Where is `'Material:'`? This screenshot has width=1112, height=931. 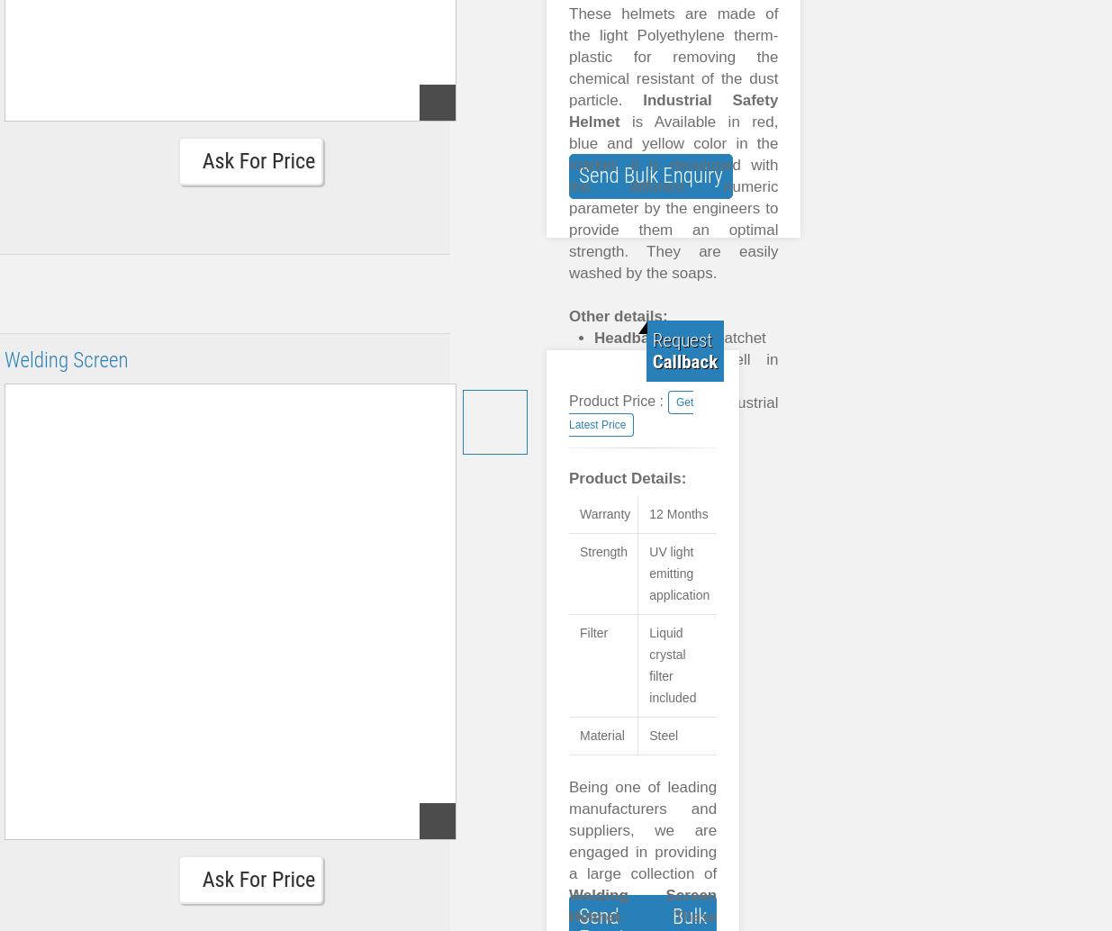 'Material:' is located at coordinates (593, 358).